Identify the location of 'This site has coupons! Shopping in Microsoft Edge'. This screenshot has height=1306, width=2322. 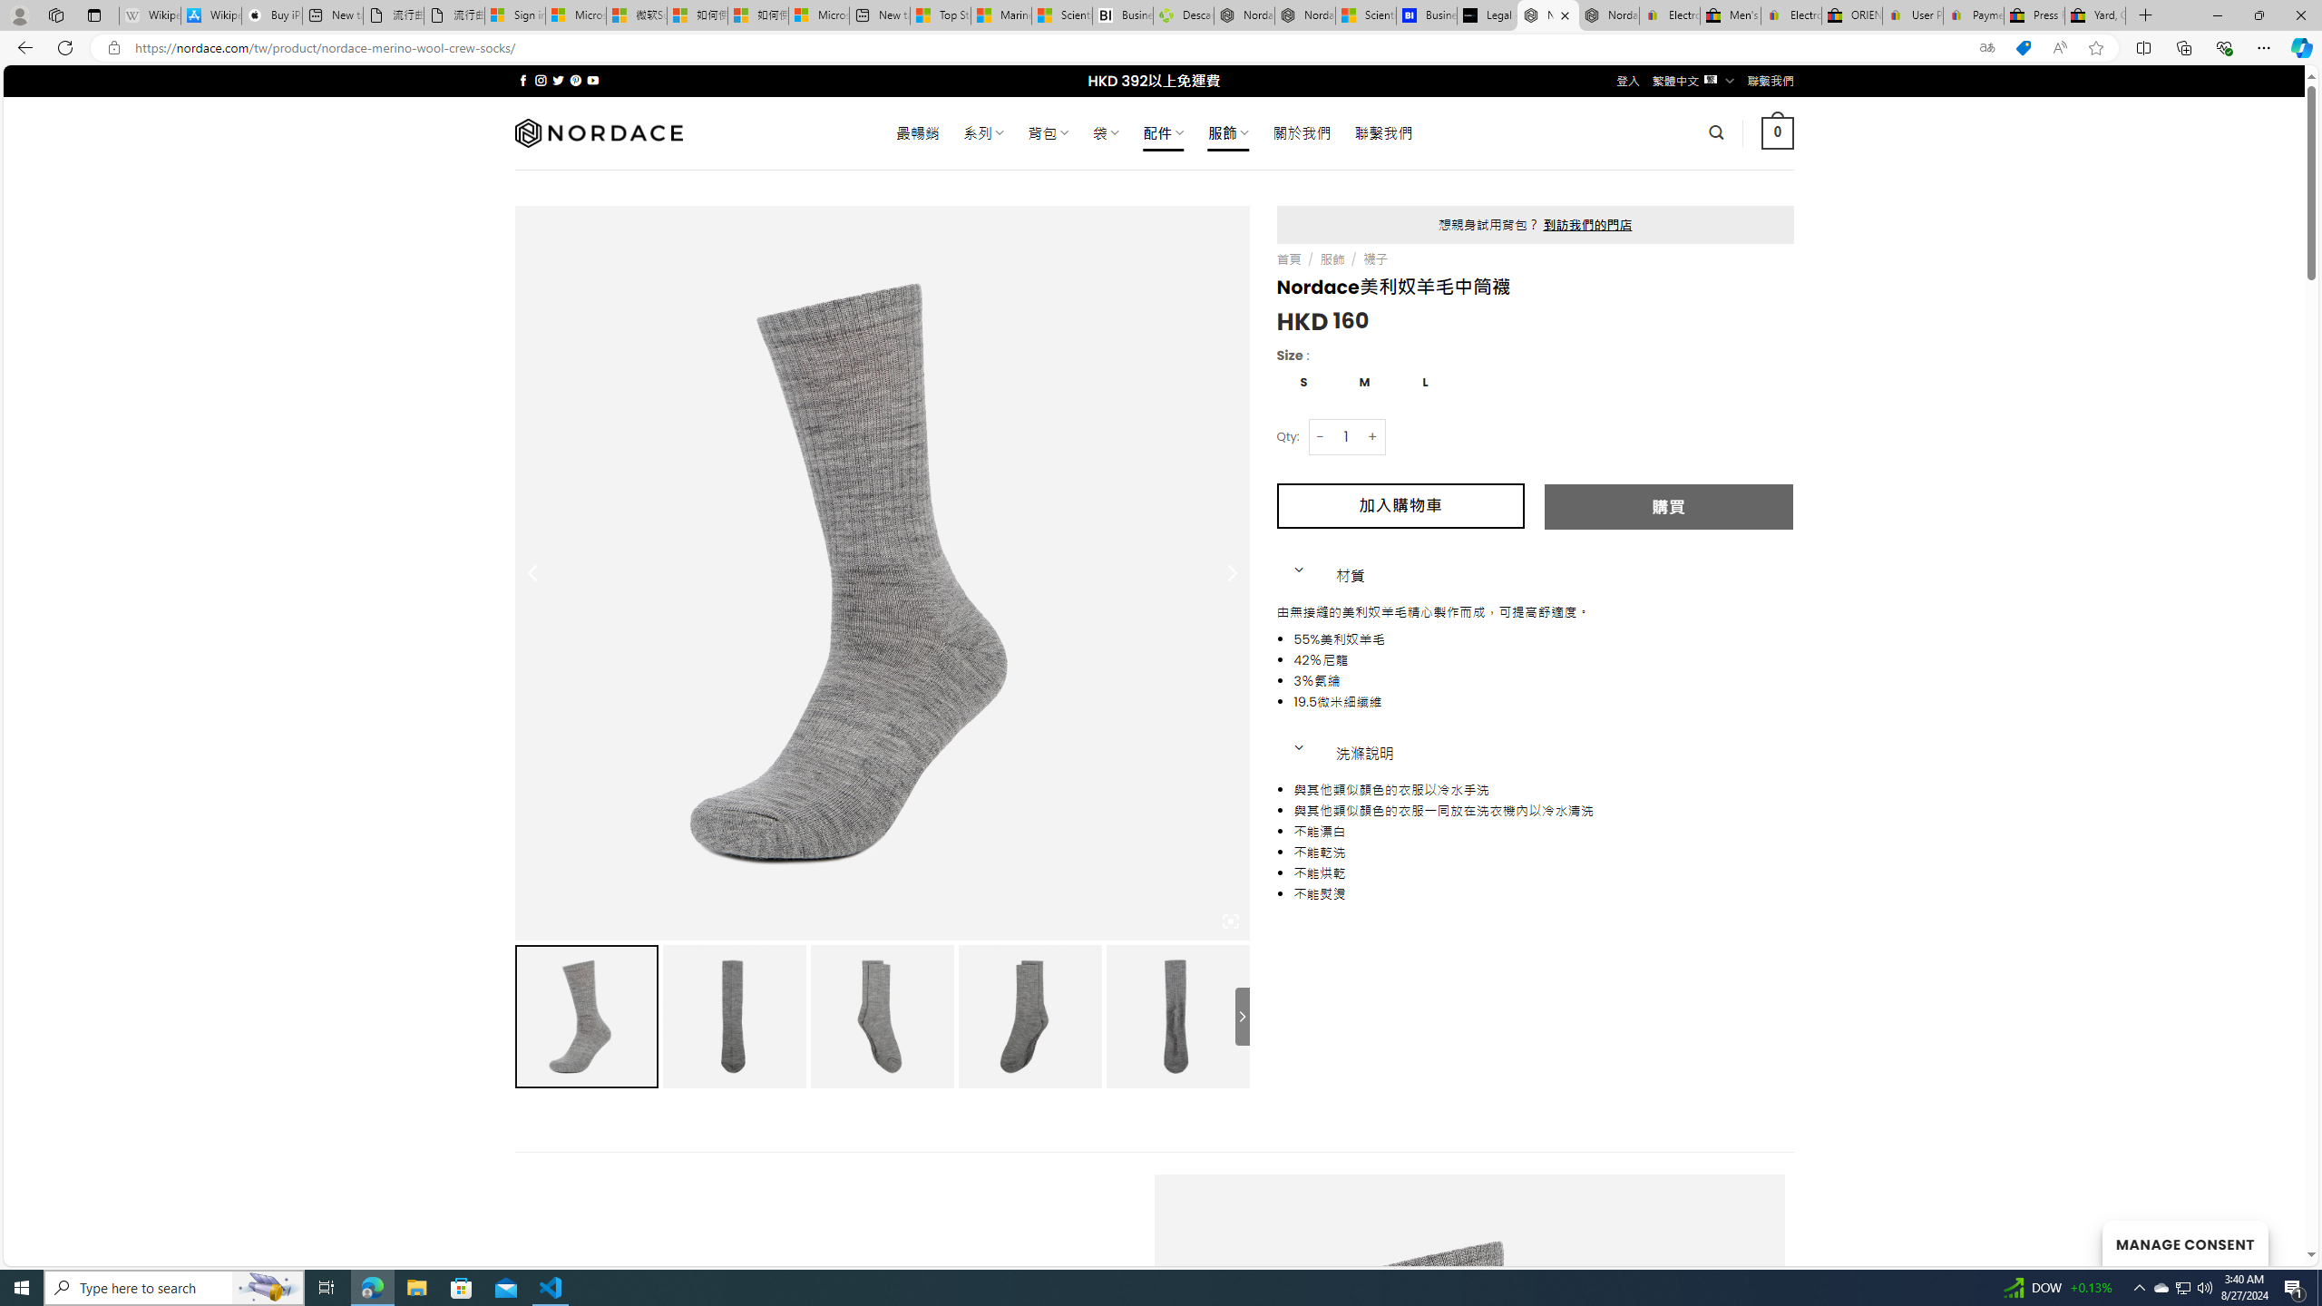
(2023, 48).